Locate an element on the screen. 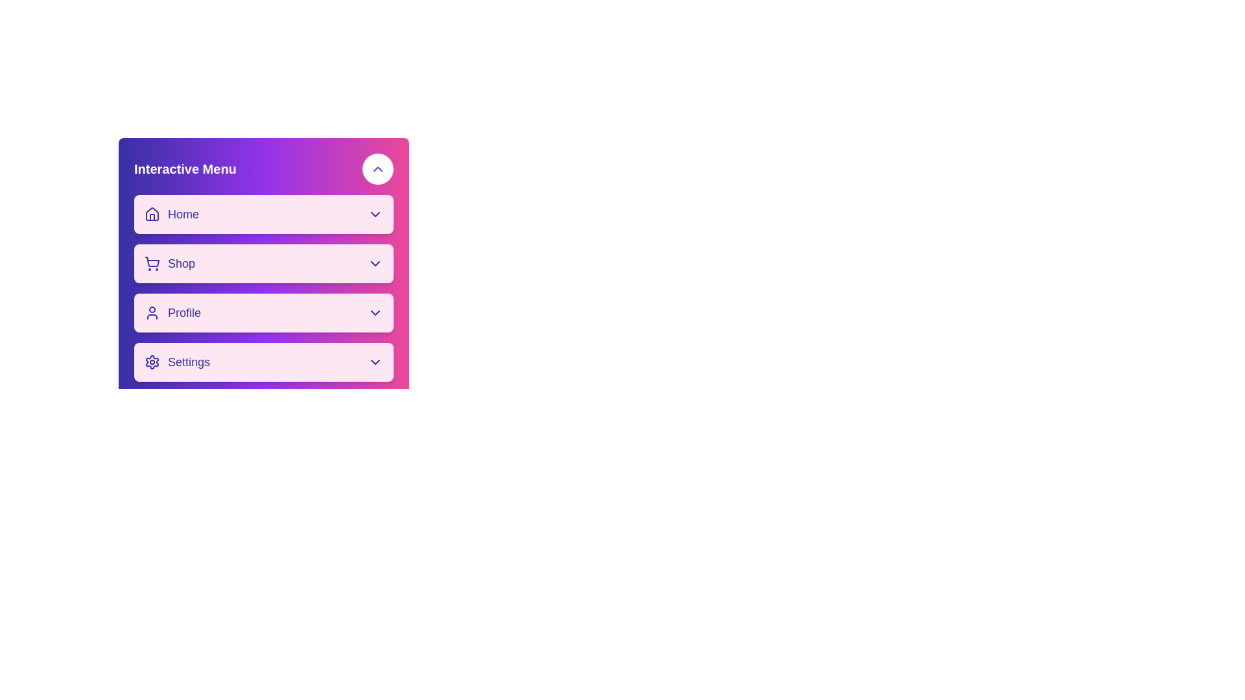 This screenshot has width=1245, height=700. the 'Profile' section represented is located at coordinates (152, 312).